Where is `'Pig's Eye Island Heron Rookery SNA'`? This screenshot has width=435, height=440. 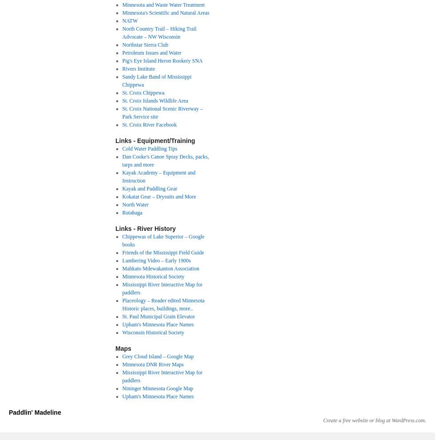 'Pig's Eye Island Heron Rookery SNA' is located at coordinates (122, 60).